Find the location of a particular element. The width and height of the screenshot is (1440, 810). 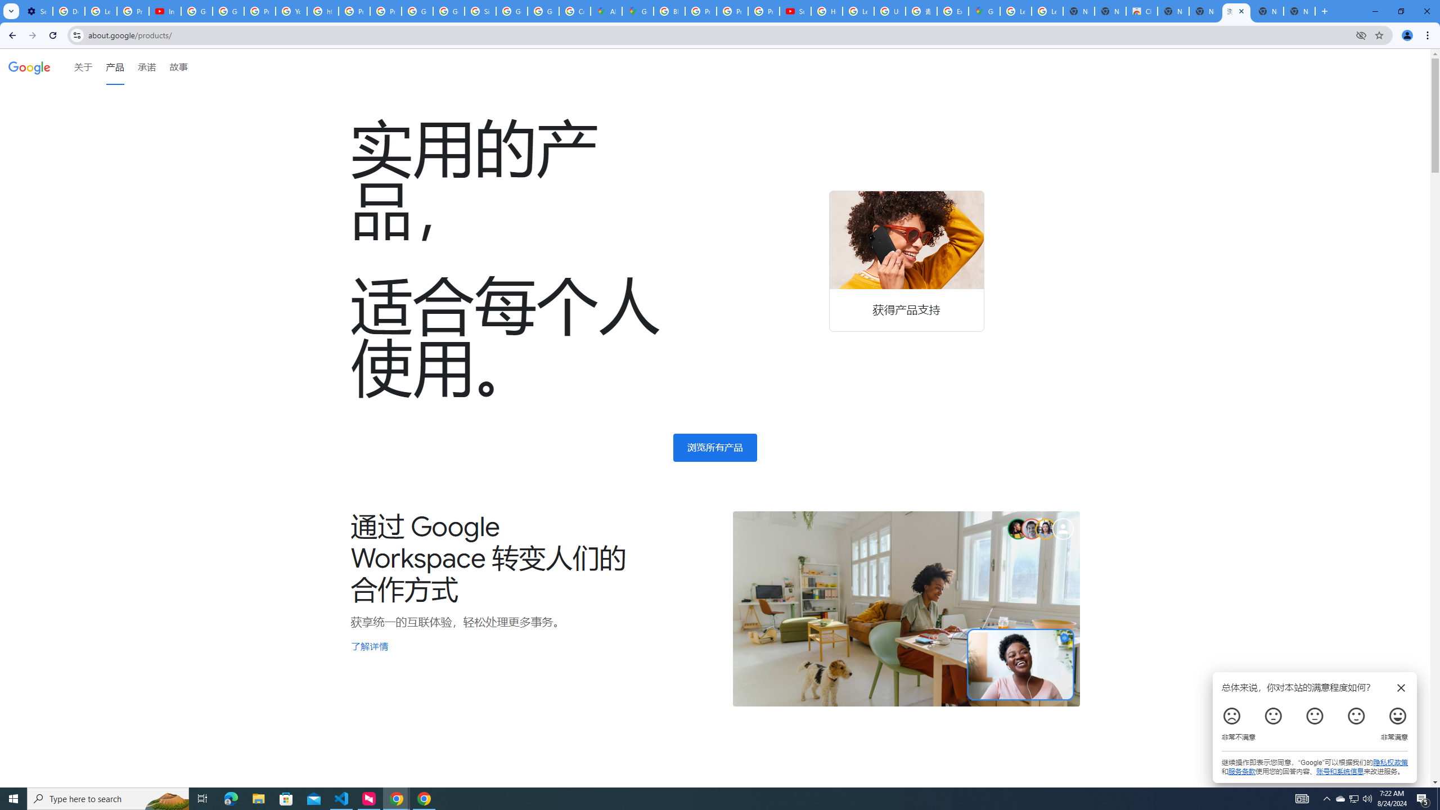

'Introduction | Google Privacy Policy - YouTube' is located at coordinates (165, 11).